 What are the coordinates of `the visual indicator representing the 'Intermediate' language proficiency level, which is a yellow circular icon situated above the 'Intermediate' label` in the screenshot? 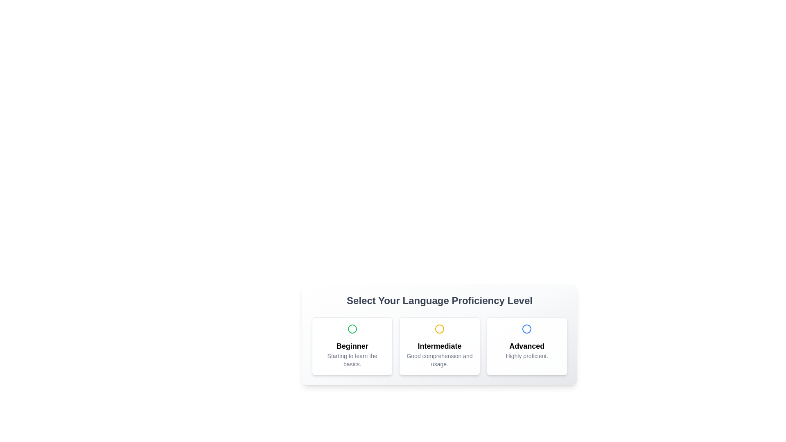 It's located at (439, 328).